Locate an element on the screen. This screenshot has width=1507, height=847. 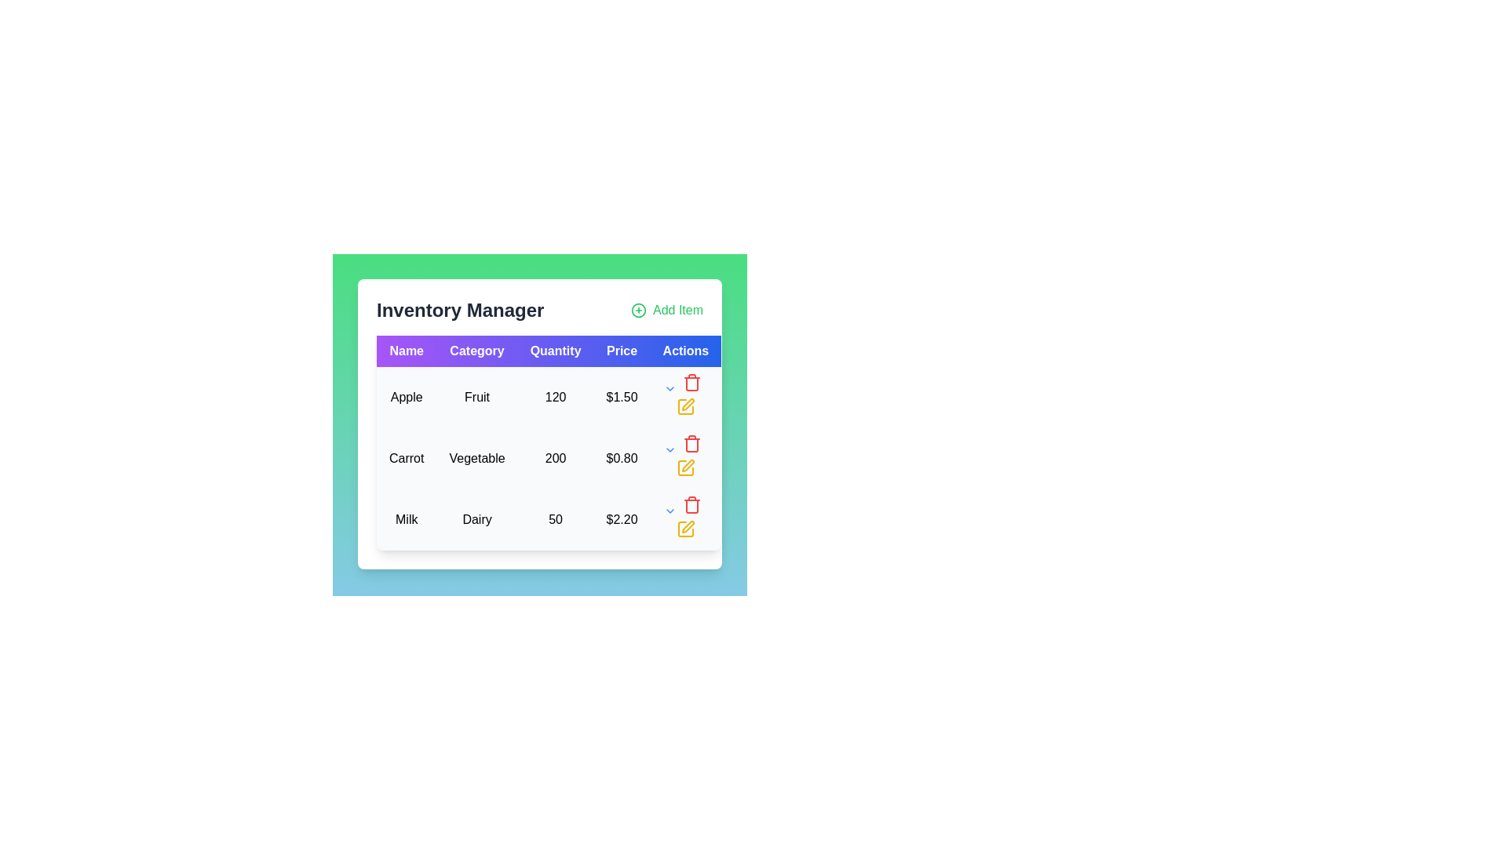
the third row in the 'Inventory Manager' table that displays 'Milk', 'Dairy', '50', and '$2.20' is located at coordinates (549, 520).